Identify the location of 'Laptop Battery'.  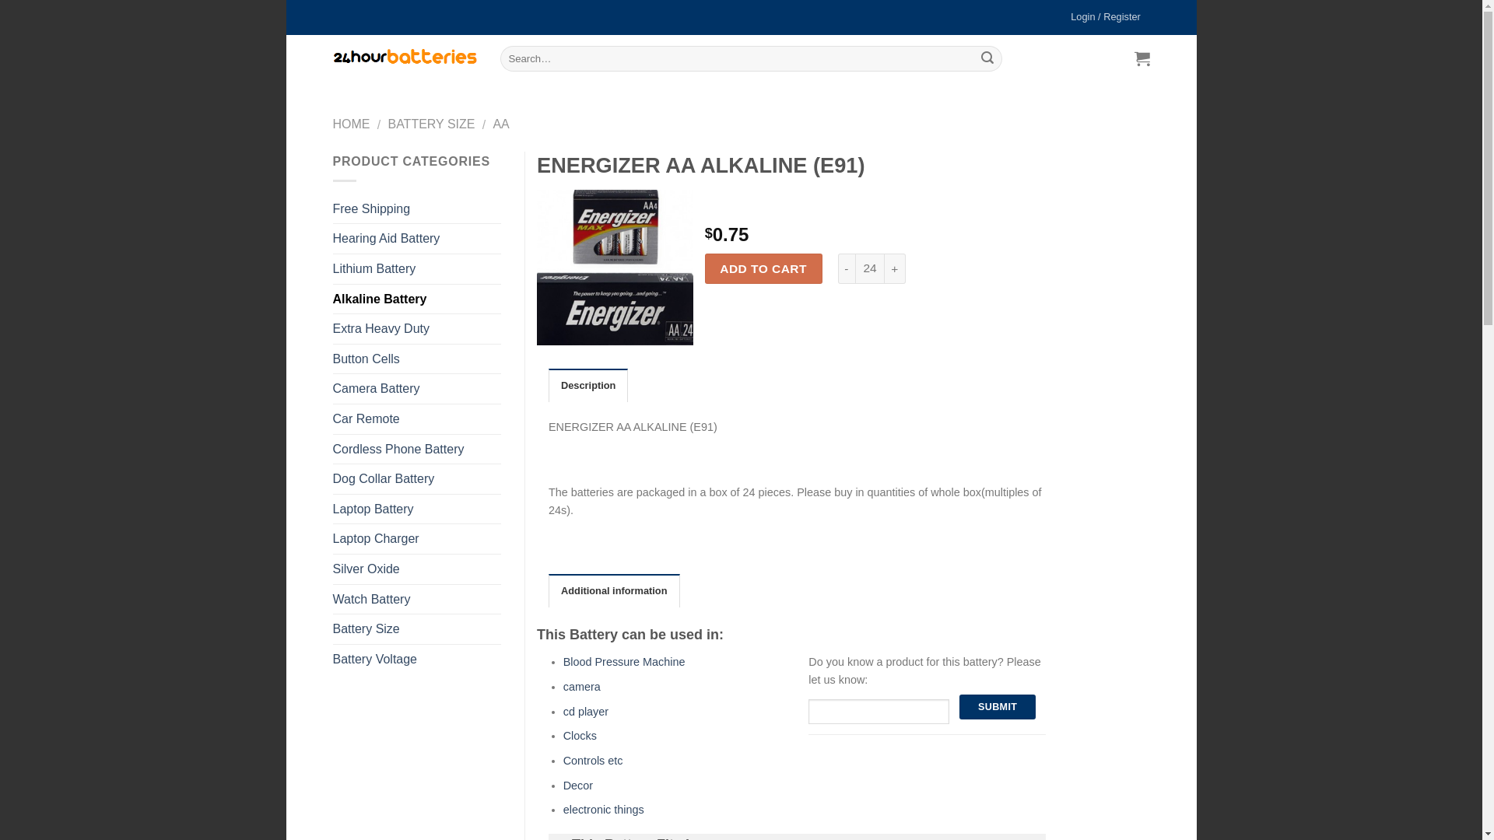
(417, 509).